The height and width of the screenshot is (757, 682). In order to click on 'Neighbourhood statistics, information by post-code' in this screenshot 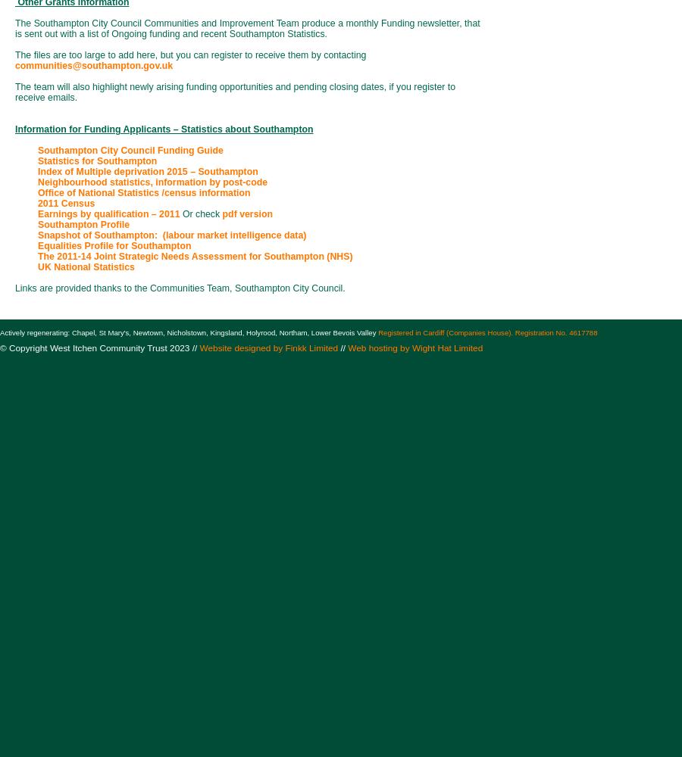, I will do `click(152, 182)`.